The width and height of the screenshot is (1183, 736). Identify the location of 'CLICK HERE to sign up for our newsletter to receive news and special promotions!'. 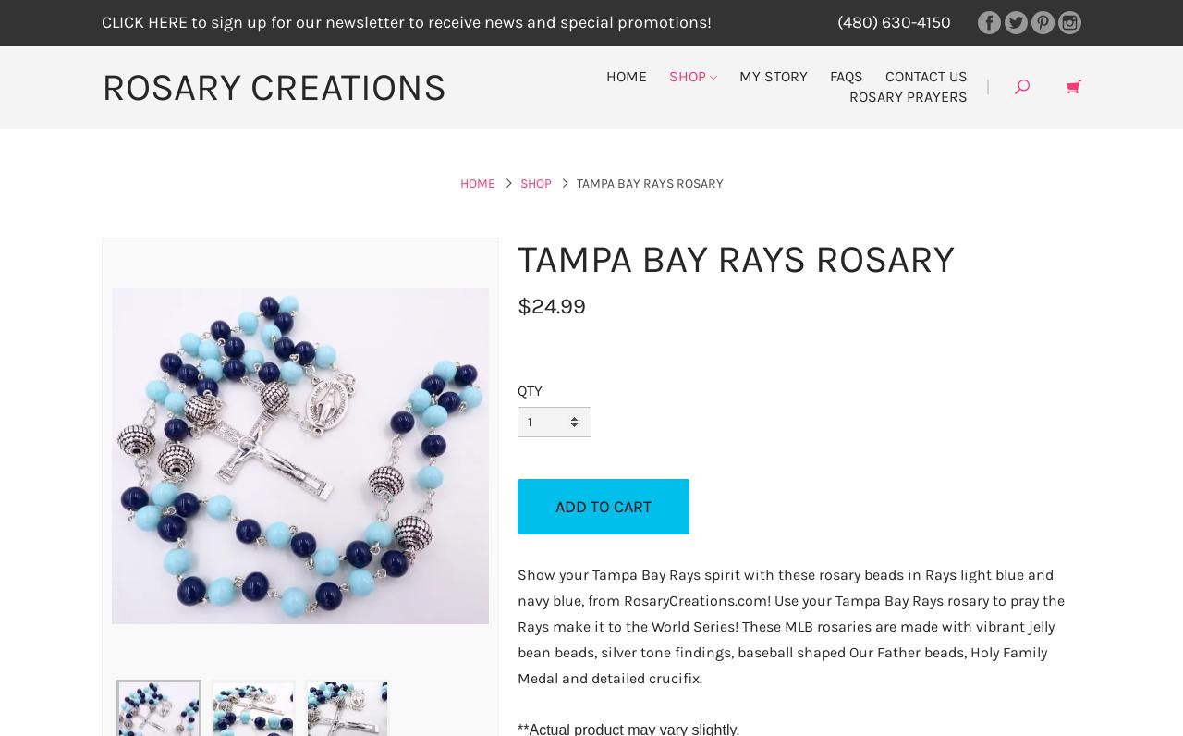
(406, 21).